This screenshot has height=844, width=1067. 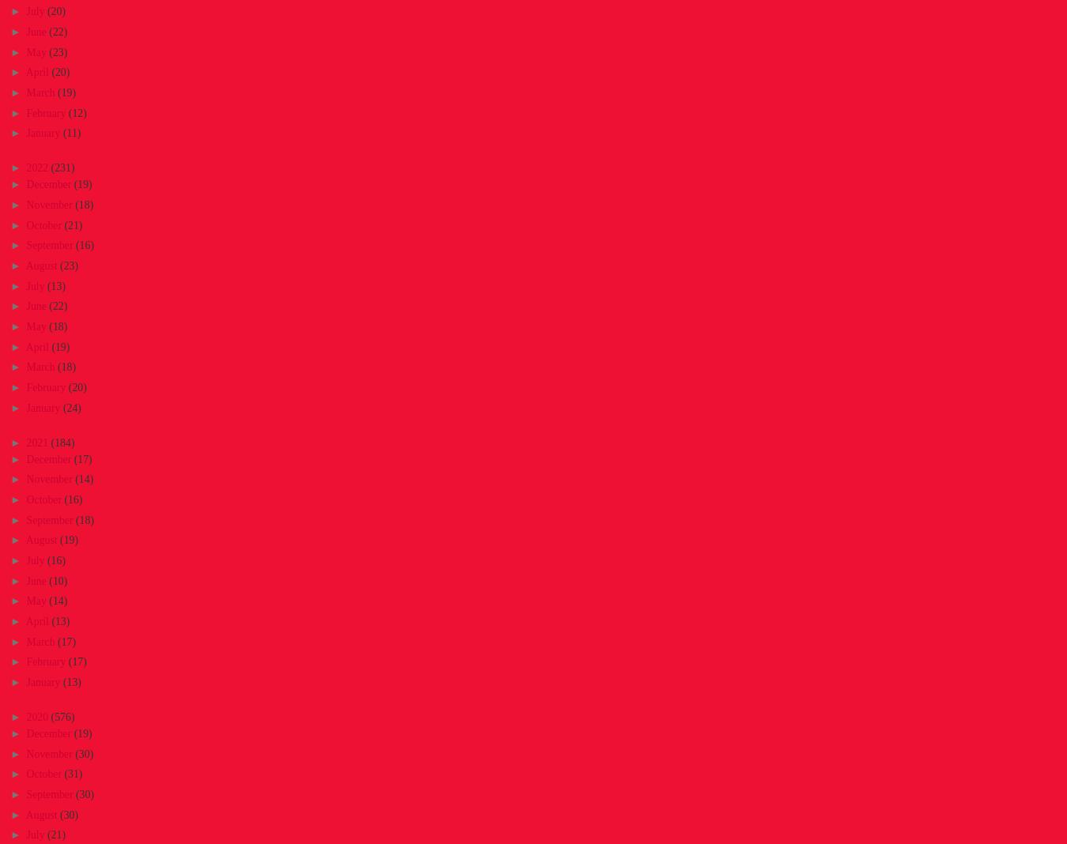 I want to click on '2021', so click(x=37, y=441).